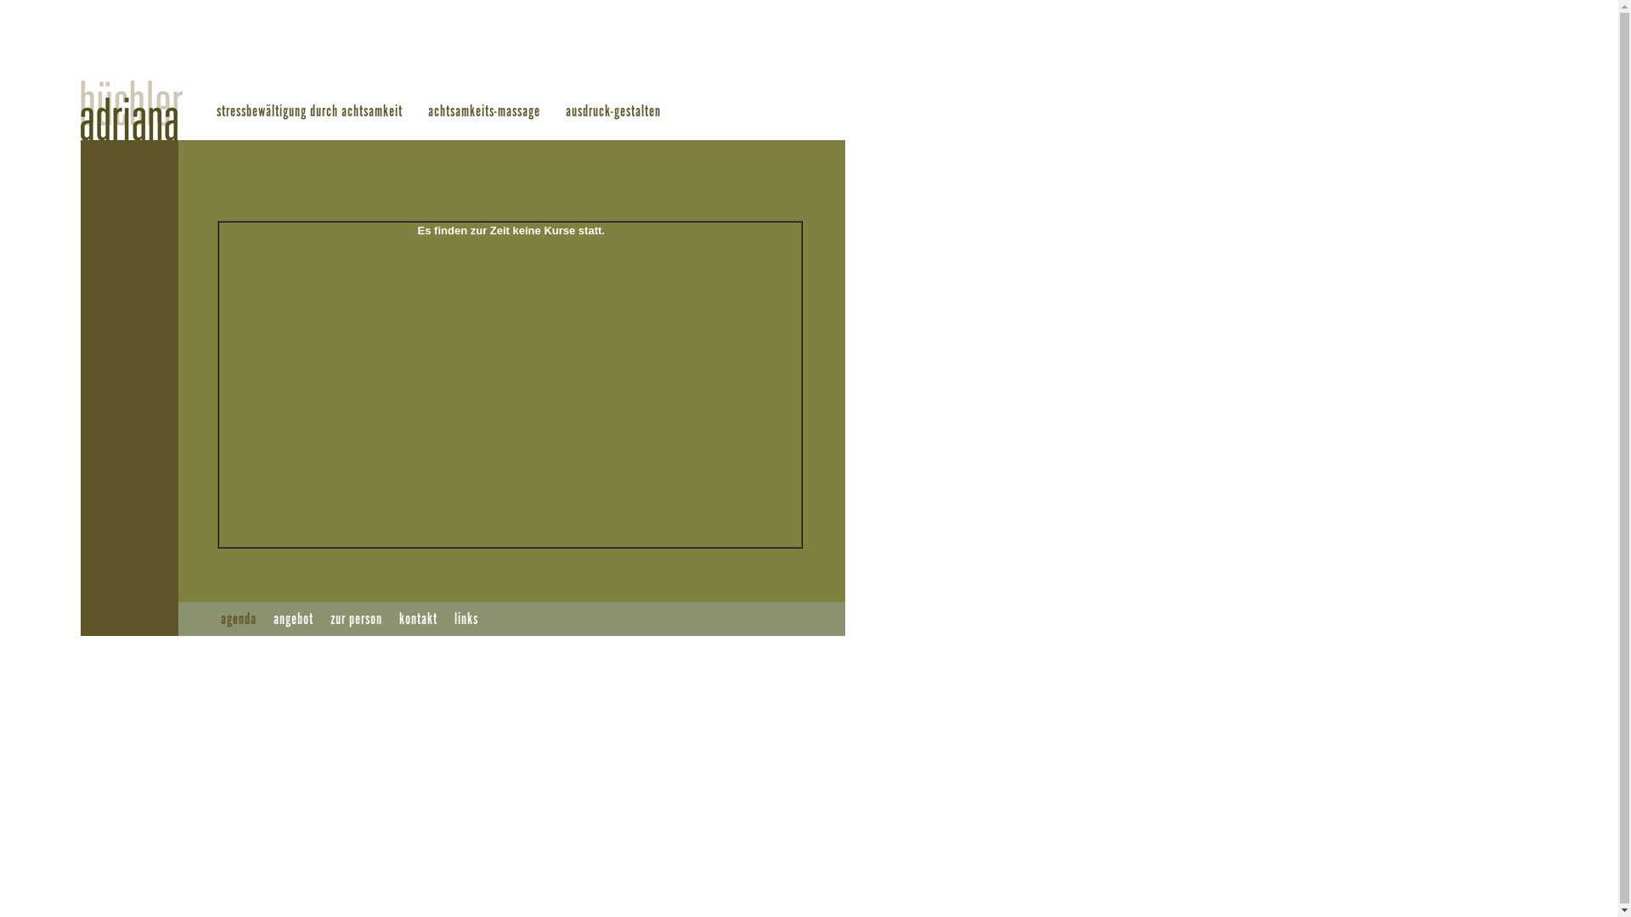 This screenshot has height=917, width=1631. What do you see at coordinates (483, 111) in the screenshot?
I see `'achtsamkeits-massage'` at bounding box center [483, 111].